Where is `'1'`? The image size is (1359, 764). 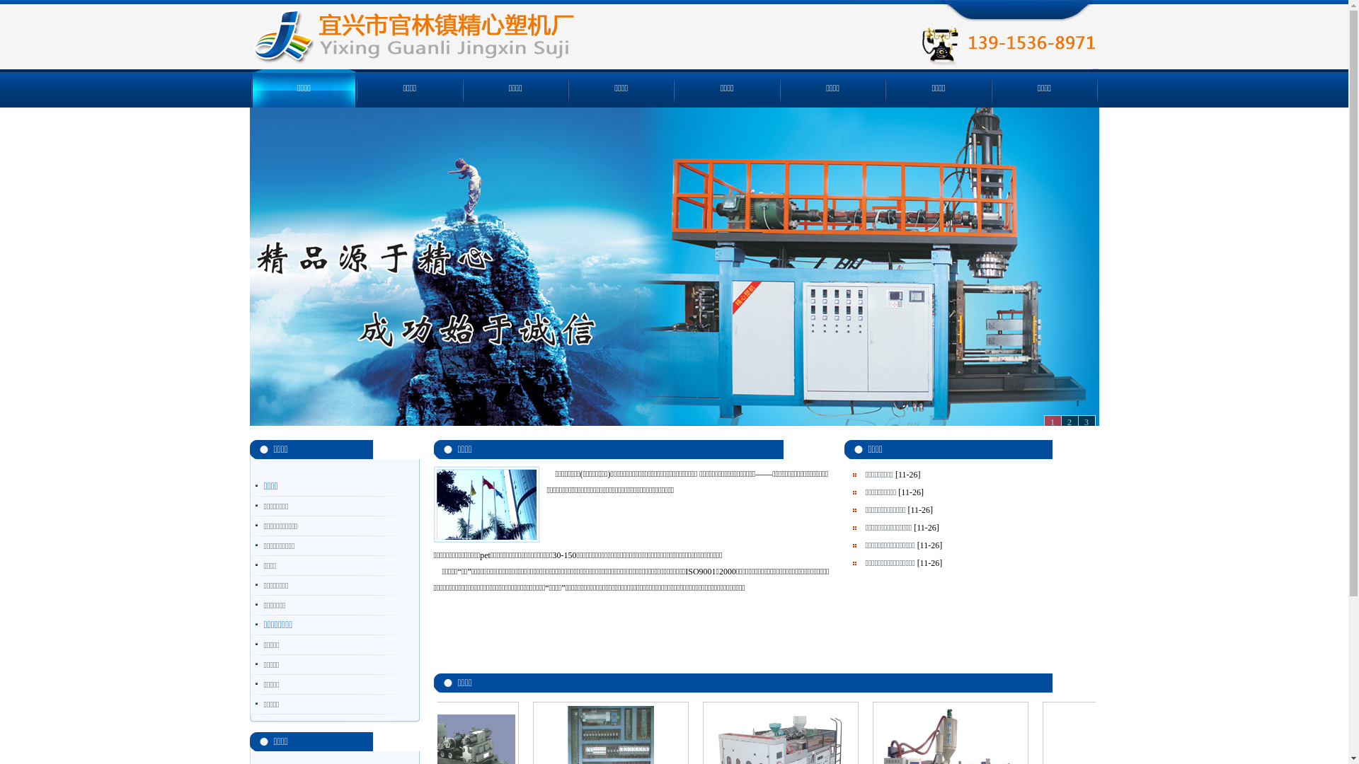 '1' is located at coordinates (1052, 421).